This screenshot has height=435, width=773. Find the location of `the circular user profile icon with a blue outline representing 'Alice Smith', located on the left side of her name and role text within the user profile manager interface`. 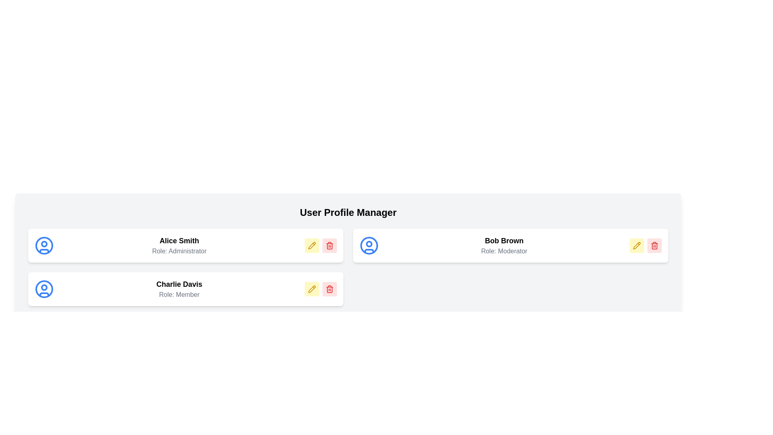

the circular user profile icon with a blue outline representing 'Alice Smith', located on the left side of her name and role text within the user profile manager interface is located at coordinates (44, 245).